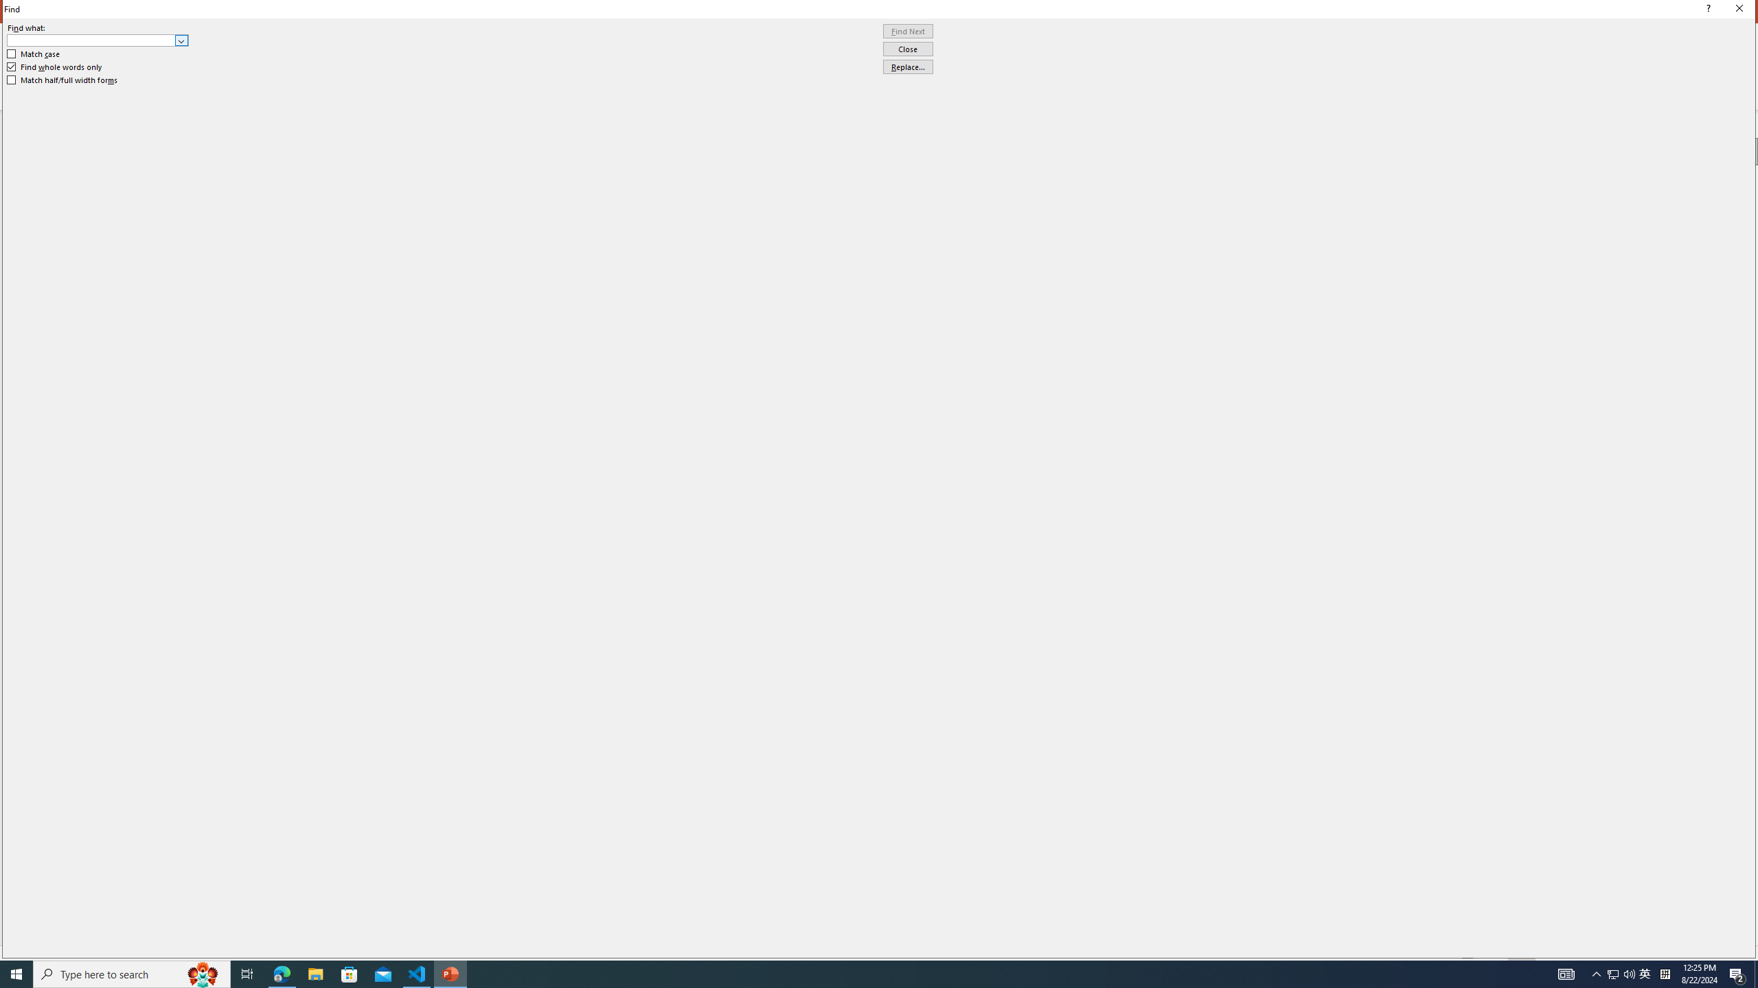 This screenshot has width=1758, height=988. Describe the element at coordinates (55, 66) in the screenshot. I see `'Find whole words only'` at that location.